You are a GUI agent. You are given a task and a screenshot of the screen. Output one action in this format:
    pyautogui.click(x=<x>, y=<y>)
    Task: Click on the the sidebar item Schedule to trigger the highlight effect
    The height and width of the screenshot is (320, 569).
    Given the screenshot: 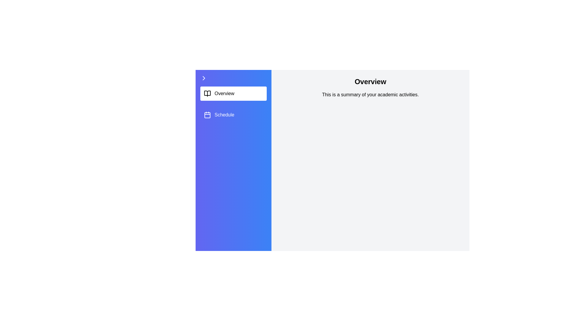 What is the action you would take?
    pyautogui.click(x=233, y=115)
    